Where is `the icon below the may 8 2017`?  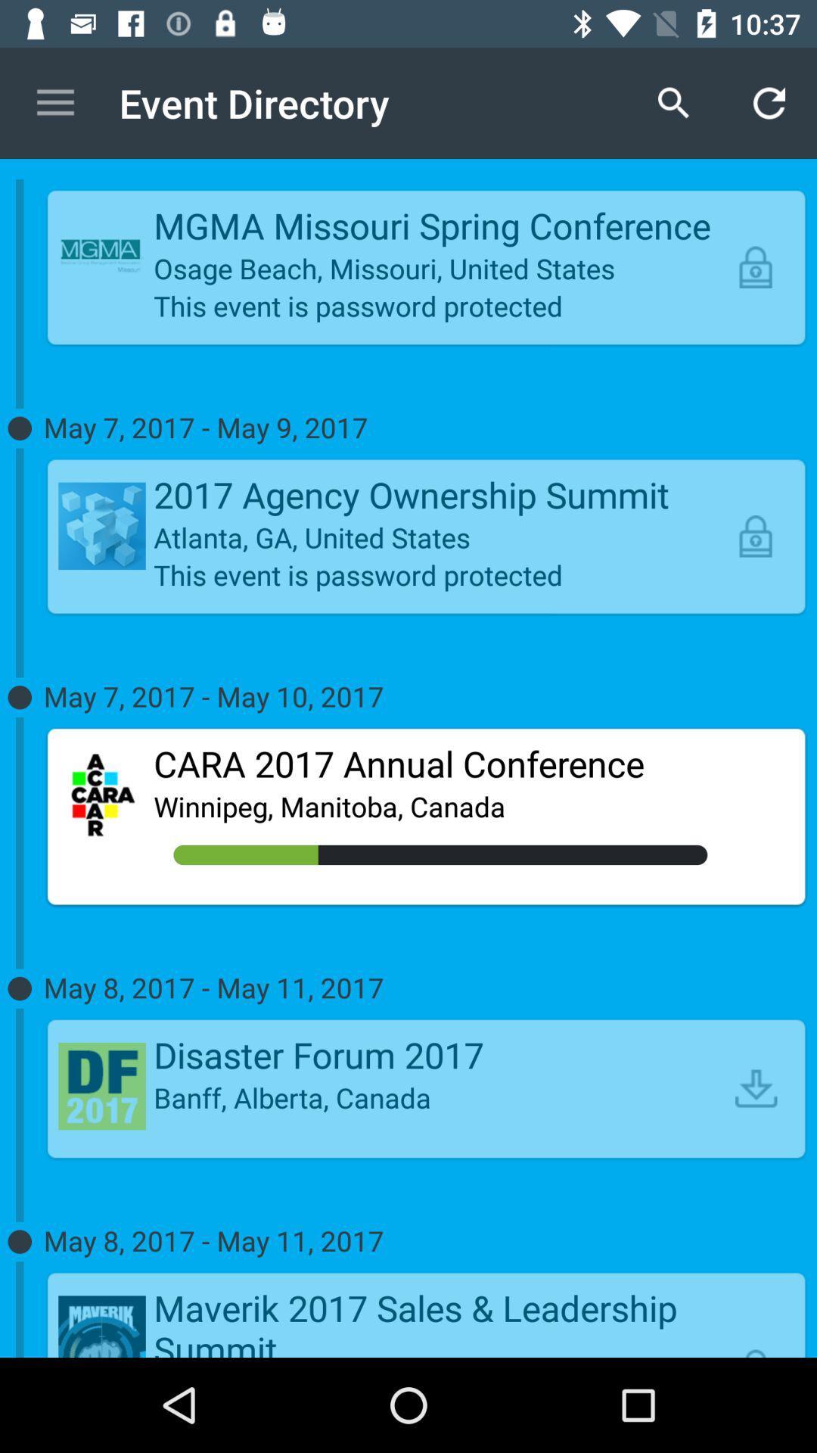 the icon below the may 8 2017 is located at coordinates (756, 1087).